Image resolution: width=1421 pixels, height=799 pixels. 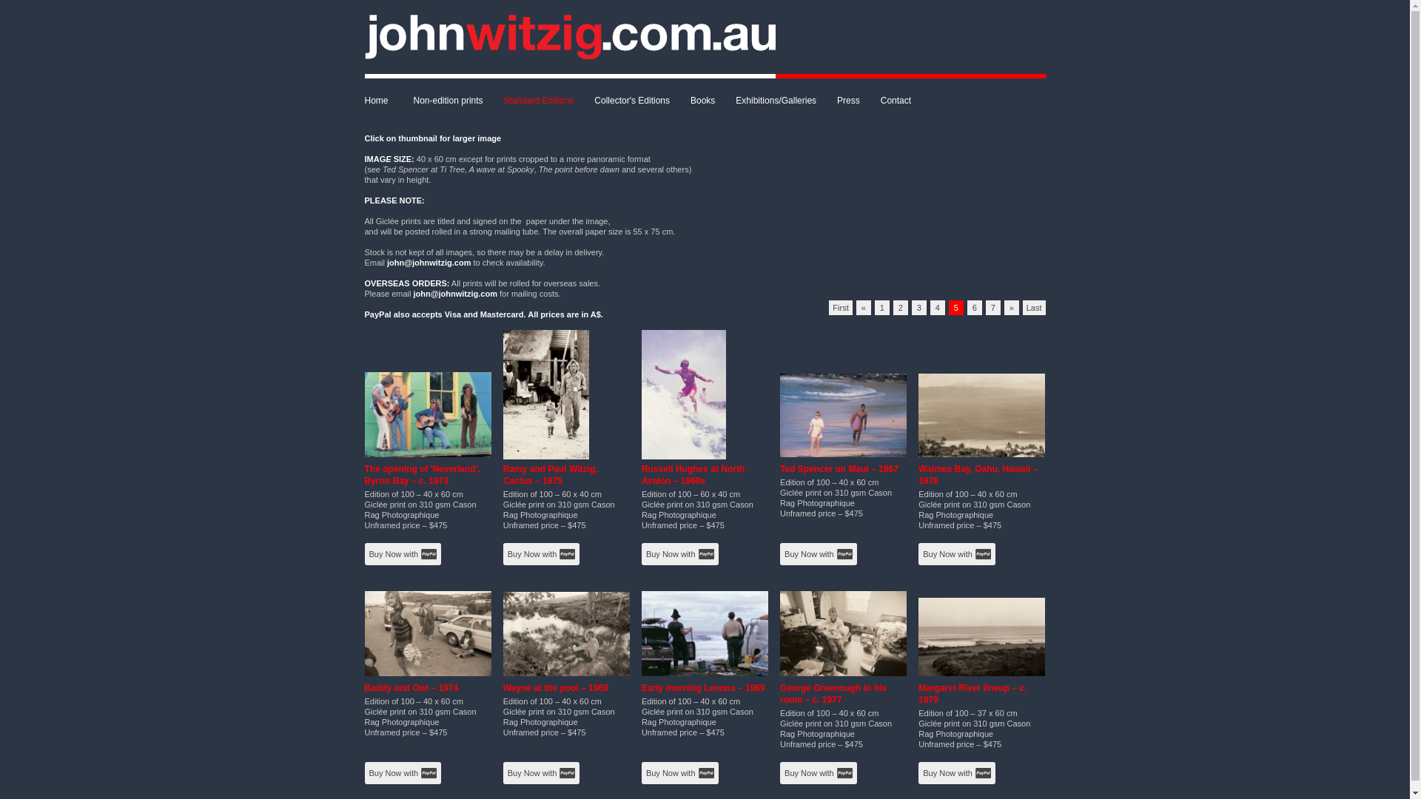 I want to click on 'Last', so click(x=1033, y=307).